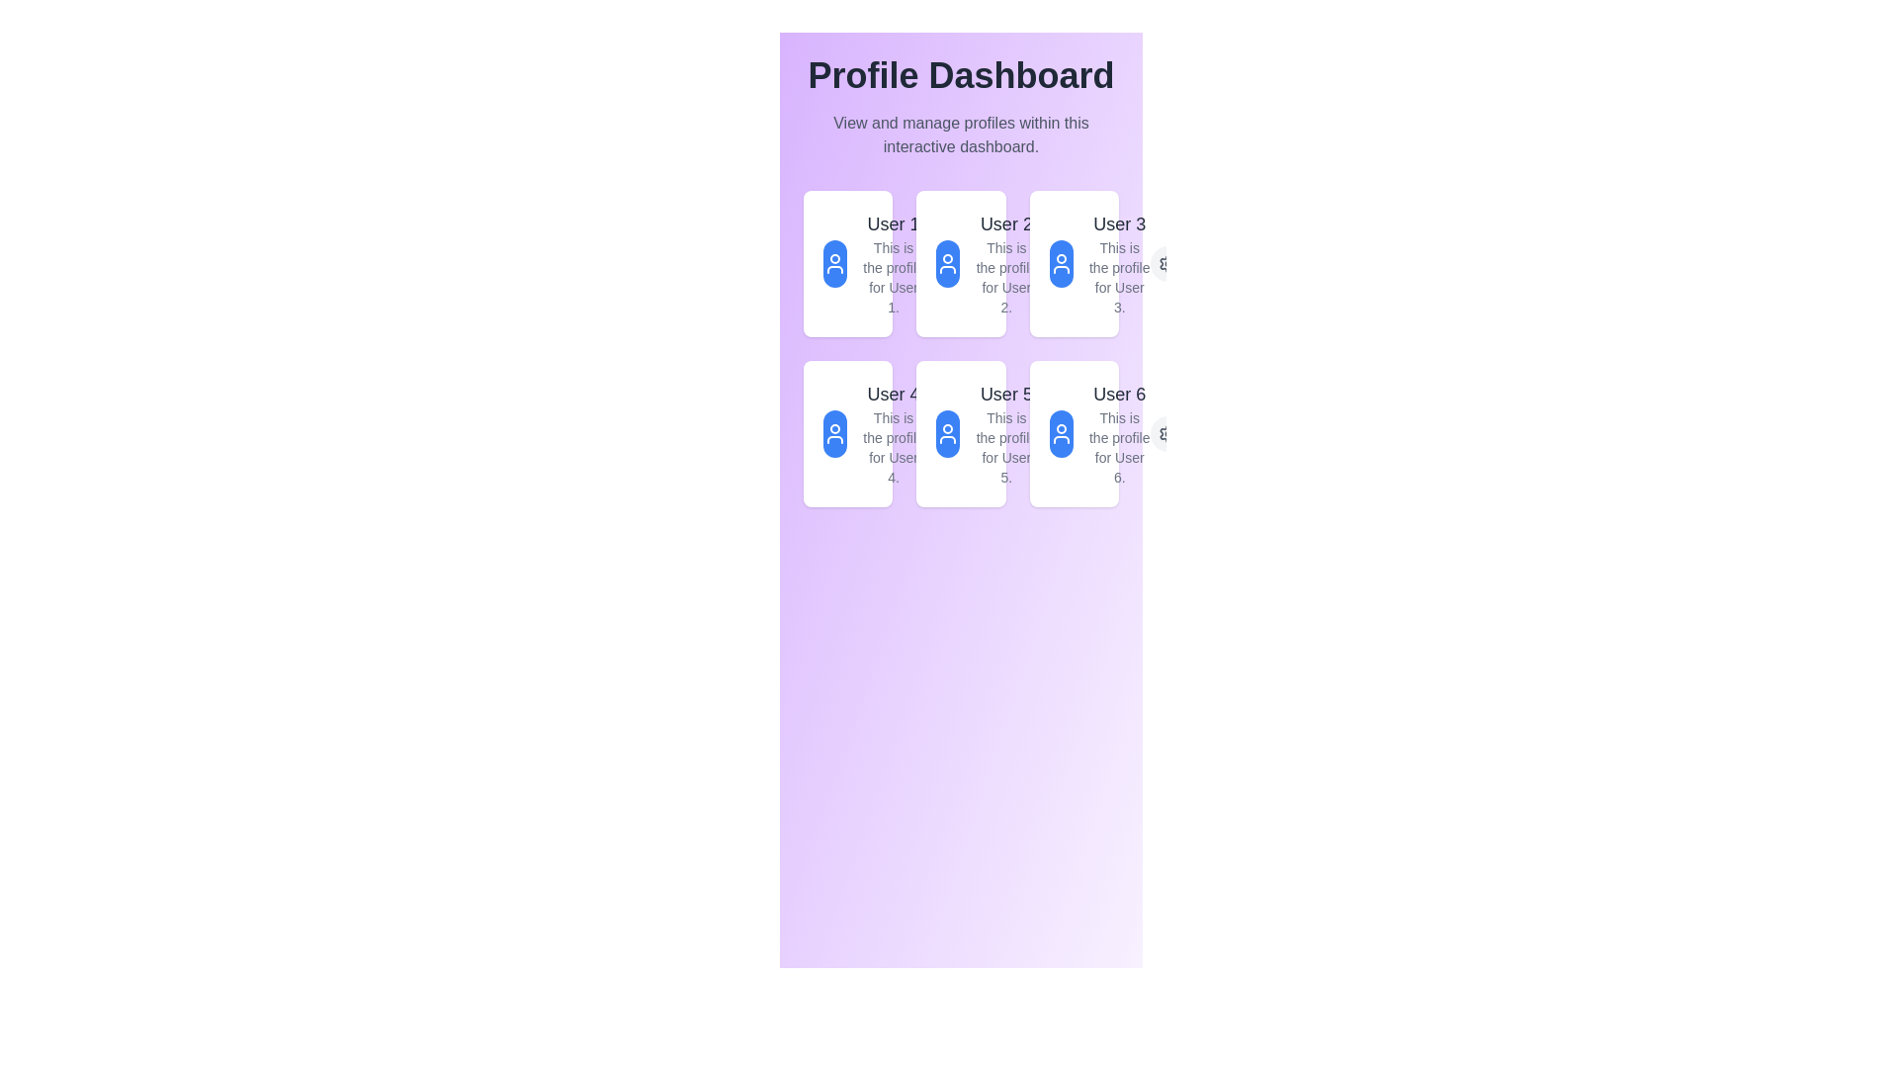 This screenshot has height=1068, width=1898. Describe the element at coordinates (1006, 433) in the screenshot. I see `the 'User 5' profile which includes the heading 'User 5' and descriptive text 'This is the profile for User 5.'` at that location.